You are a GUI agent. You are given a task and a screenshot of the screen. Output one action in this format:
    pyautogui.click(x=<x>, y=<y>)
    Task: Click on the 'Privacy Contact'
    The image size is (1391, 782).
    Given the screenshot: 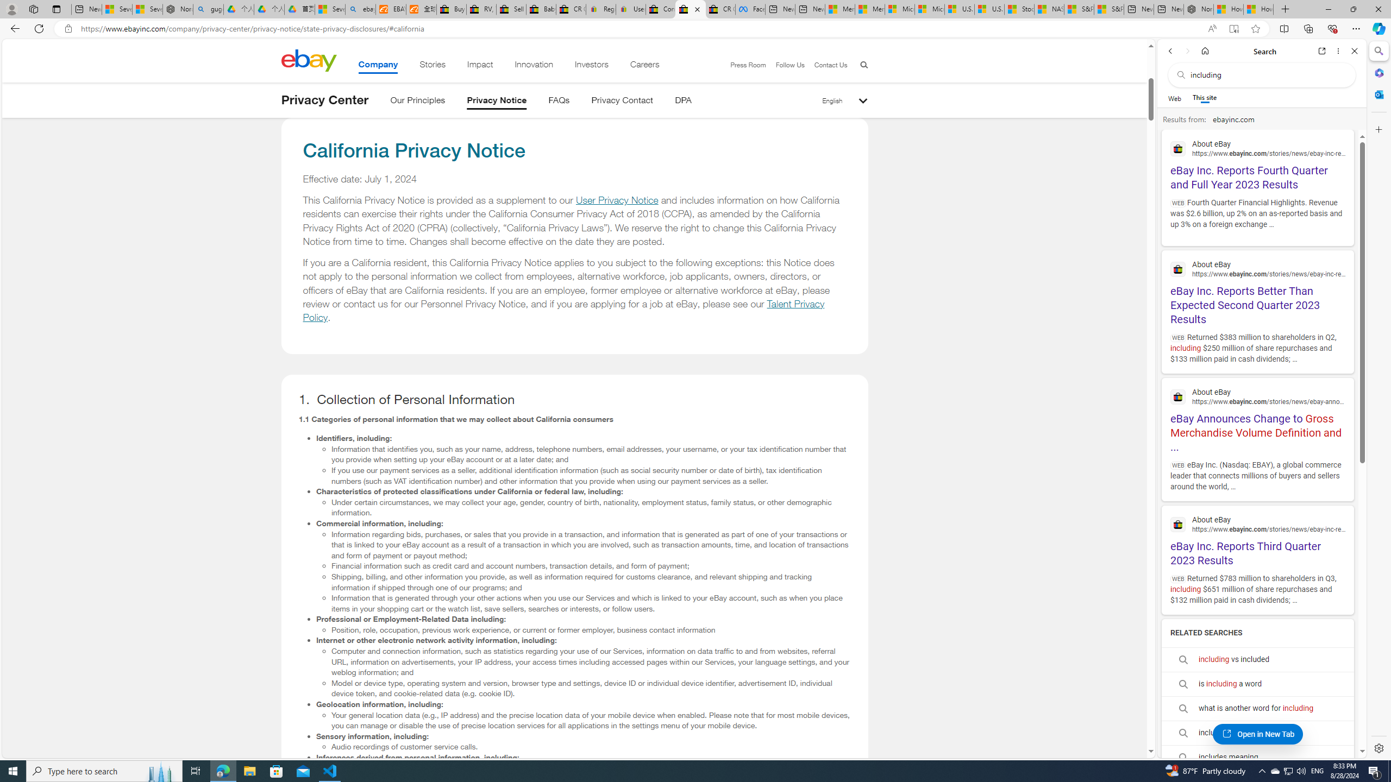 What is the action you would take?
    pyautogui.click(x=622, y=102)
    